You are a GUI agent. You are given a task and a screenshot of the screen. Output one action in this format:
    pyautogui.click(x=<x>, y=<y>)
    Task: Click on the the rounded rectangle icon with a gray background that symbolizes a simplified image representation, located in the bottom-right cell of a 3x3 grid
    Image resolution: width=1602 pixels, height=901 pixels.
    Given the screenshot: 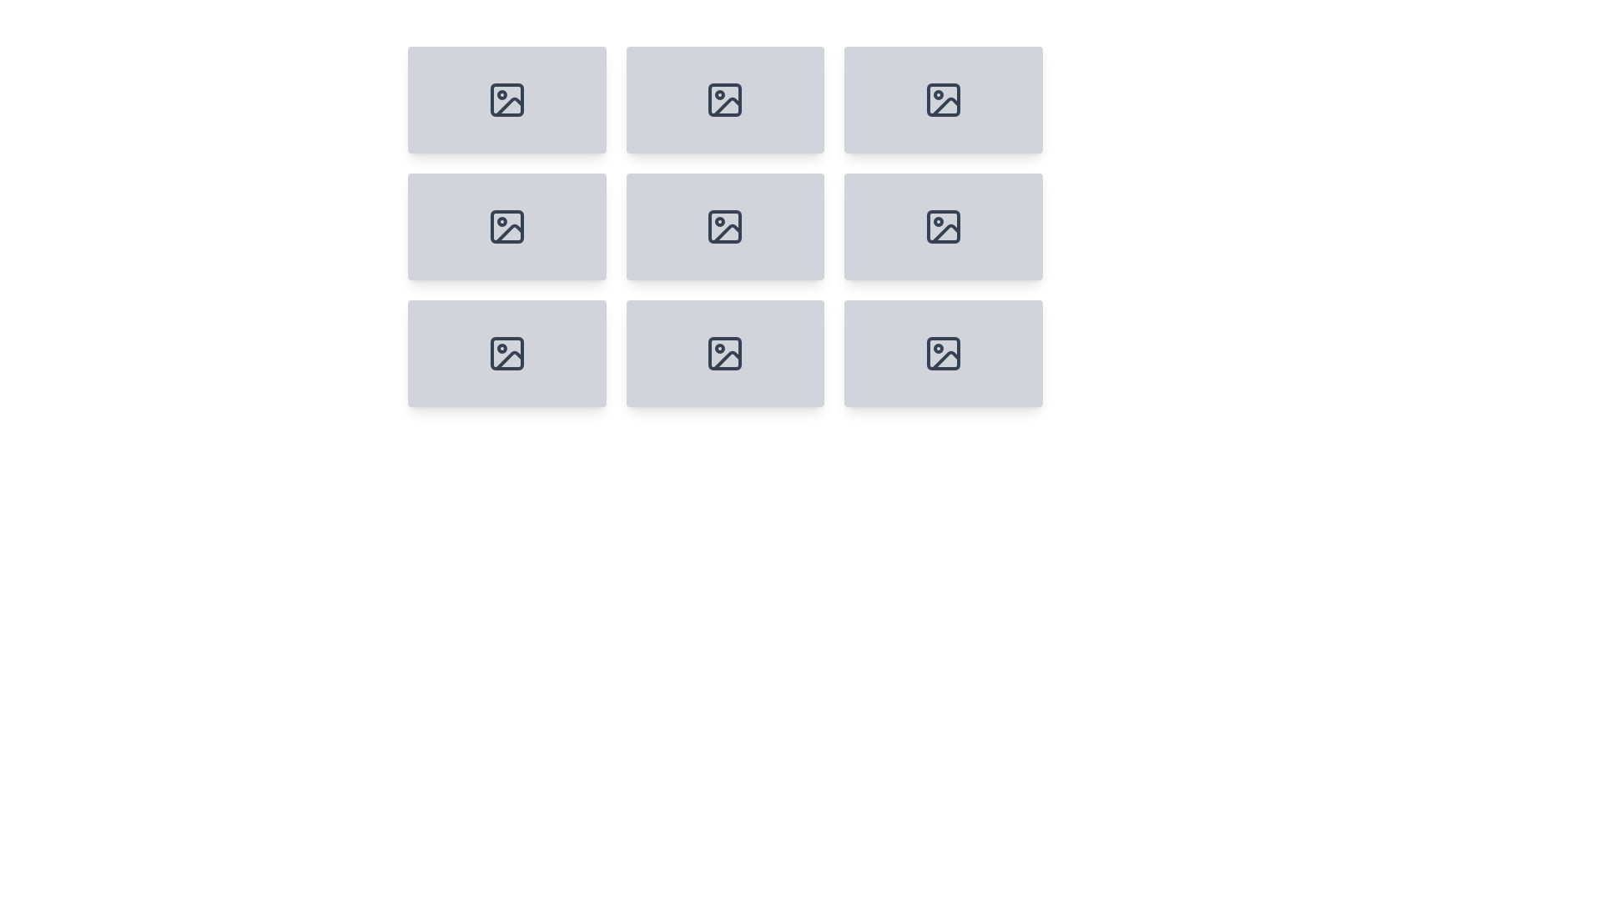 What is the action you would take?
    pyautogui.click(x=944, y=227)
    